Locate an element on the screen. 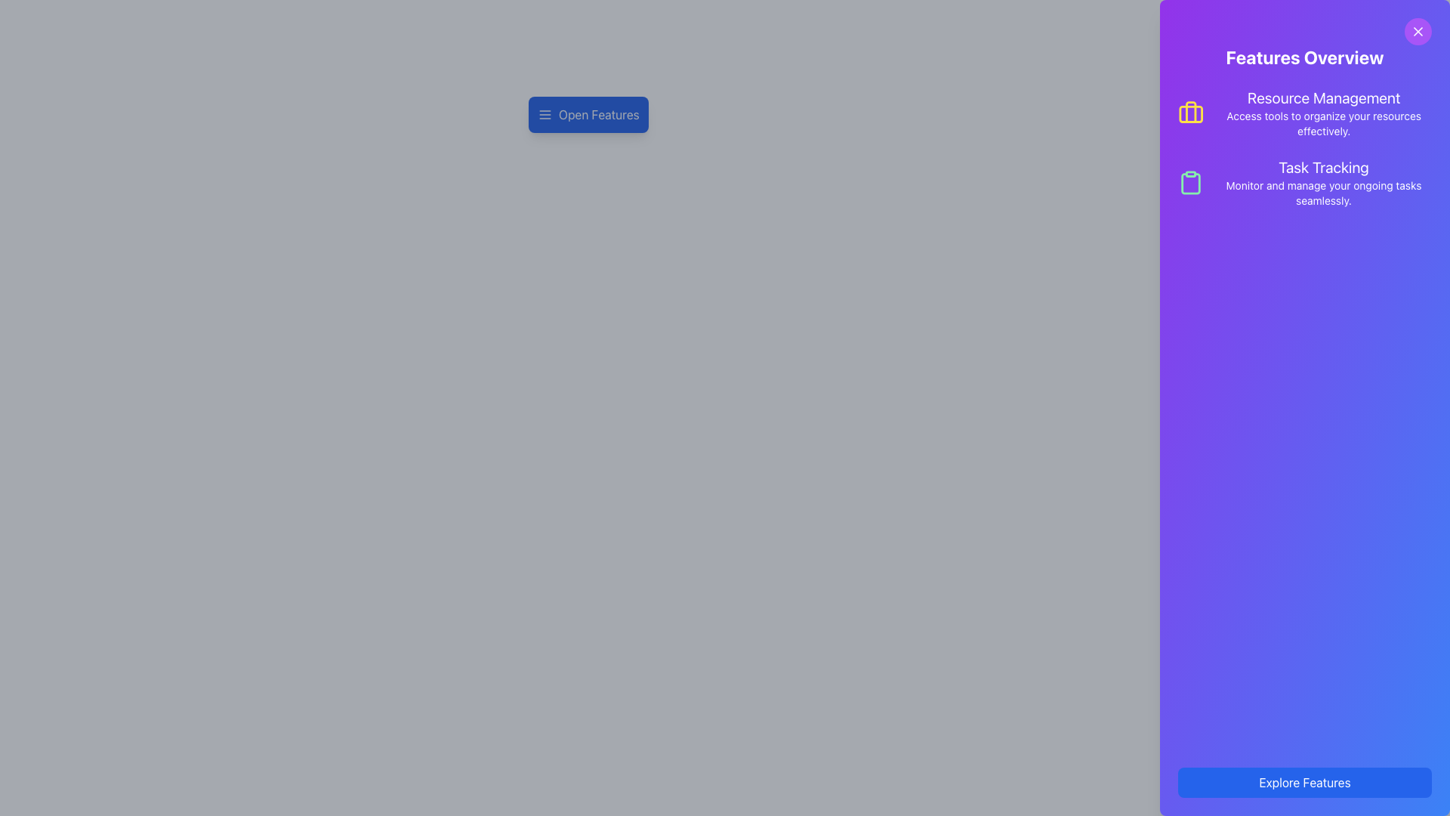  the Informative UI block titled 'Resource Management' which includes a subtitle and a yellow briefcase icon, located at the top of the 'Features Overview' section is located at coordinates (1304, 113).